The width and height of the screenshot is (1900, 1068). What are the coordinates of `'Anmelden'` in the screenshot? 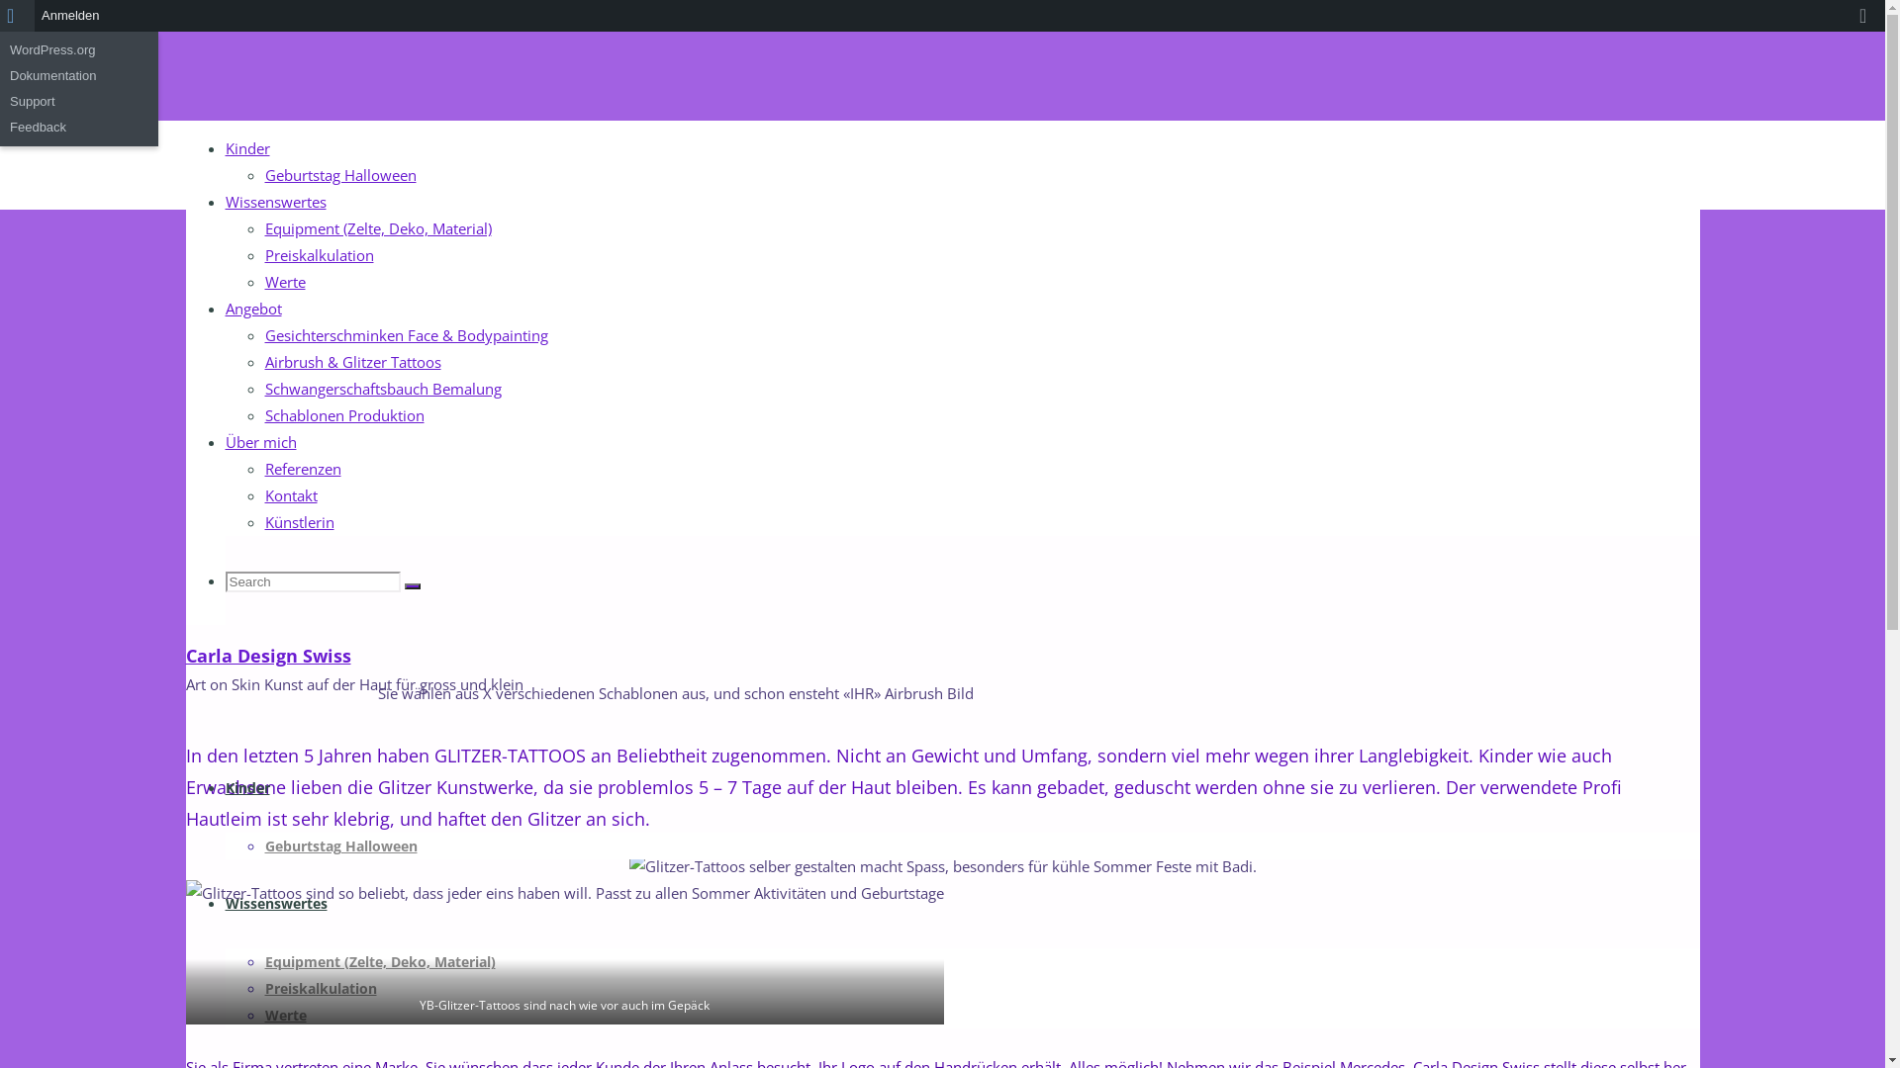 It's located at (71, 15).